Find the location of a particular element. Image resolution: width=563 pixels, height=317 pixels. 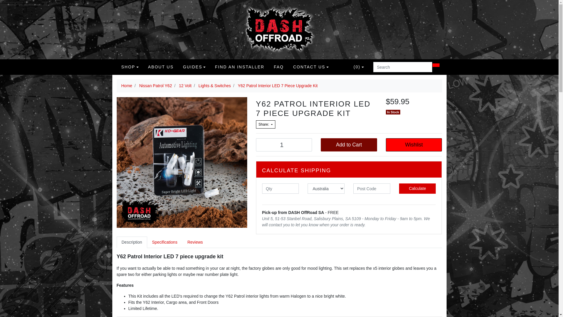

'Share:' is located at coordinates (265, 124).